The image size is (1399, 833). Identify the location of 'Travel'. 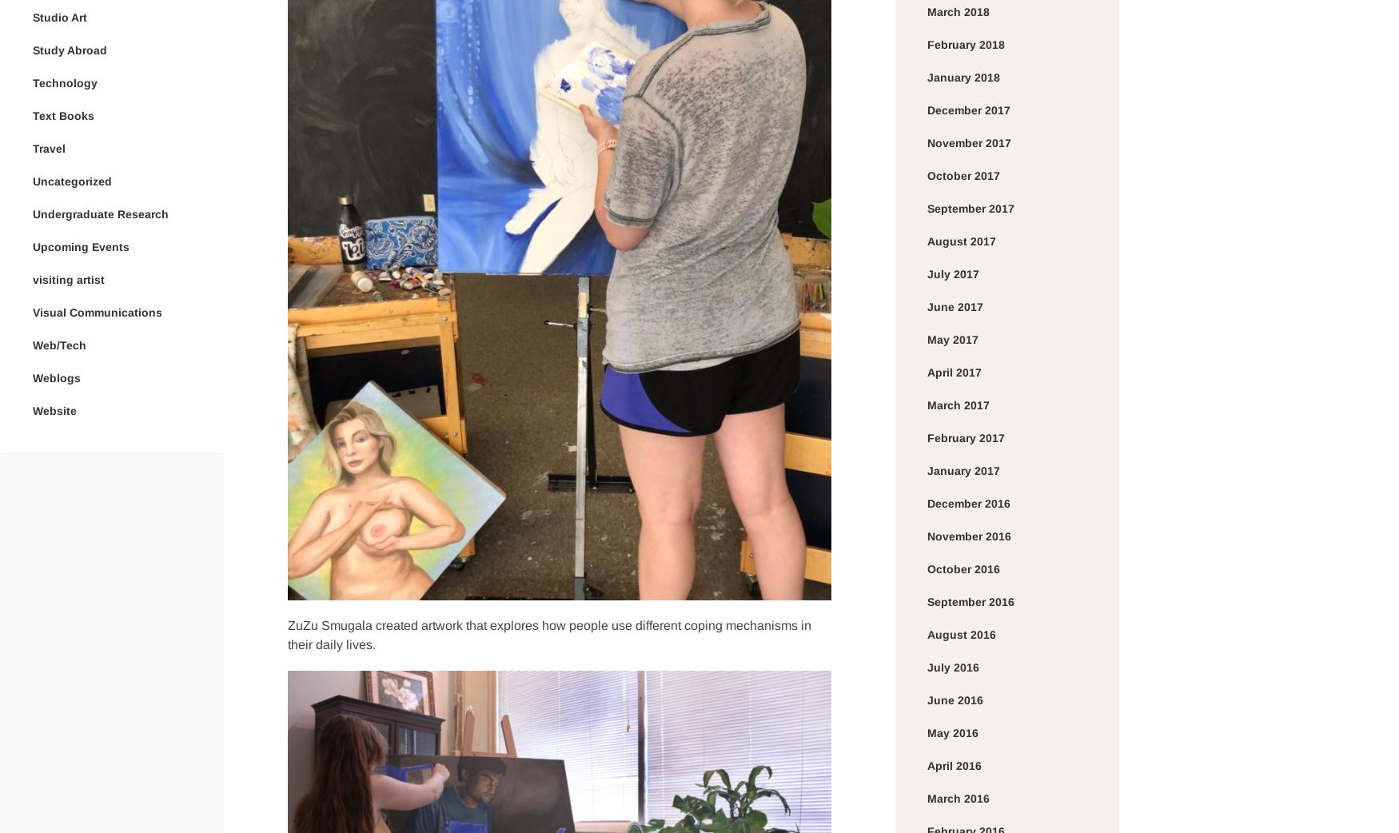
(48, 146).